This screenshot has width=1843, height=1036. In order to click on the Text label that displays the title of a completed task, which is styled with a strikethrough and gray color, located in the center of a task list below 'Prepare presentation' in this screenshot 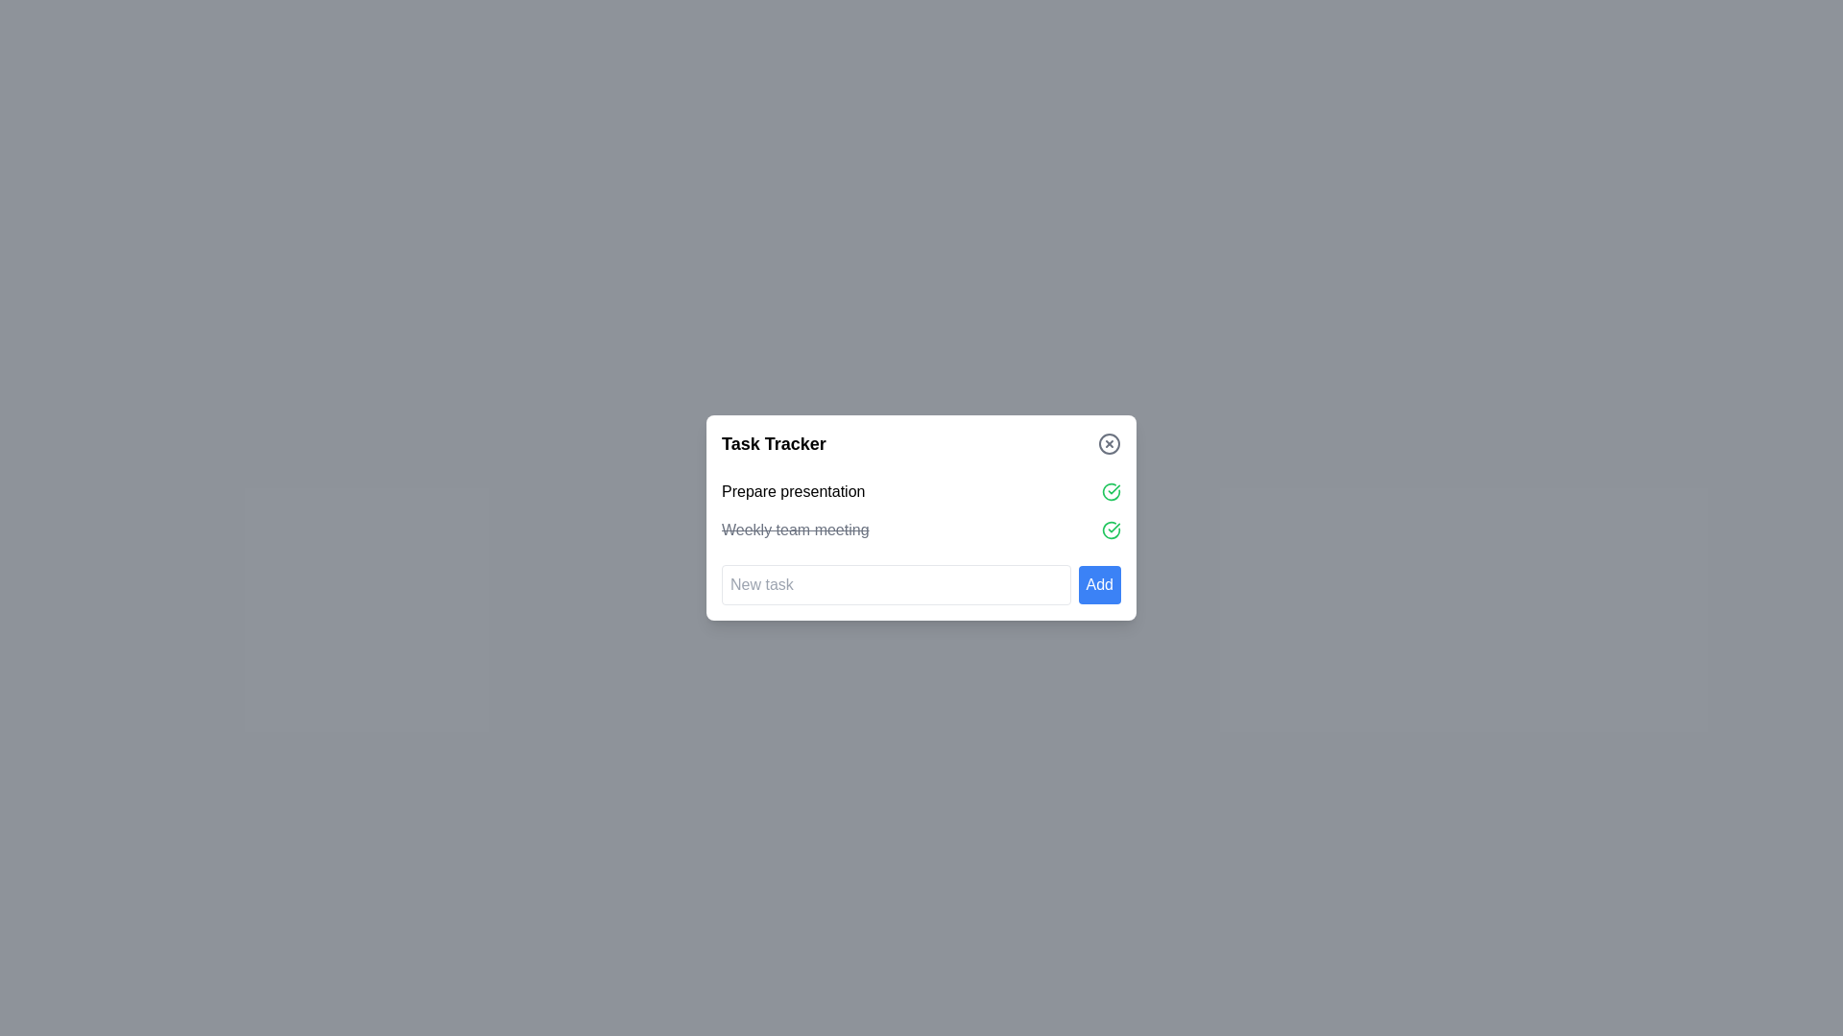, I will do `click(795, 530)`.